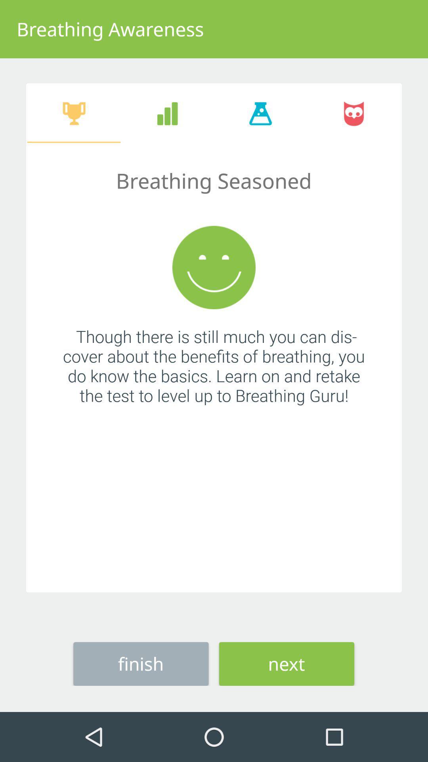 The height and width of the screenshot is (762, 428). What do you see at coordinates (287, 664) in the screenshot?
I see `next` at bounding box center [287, 664].